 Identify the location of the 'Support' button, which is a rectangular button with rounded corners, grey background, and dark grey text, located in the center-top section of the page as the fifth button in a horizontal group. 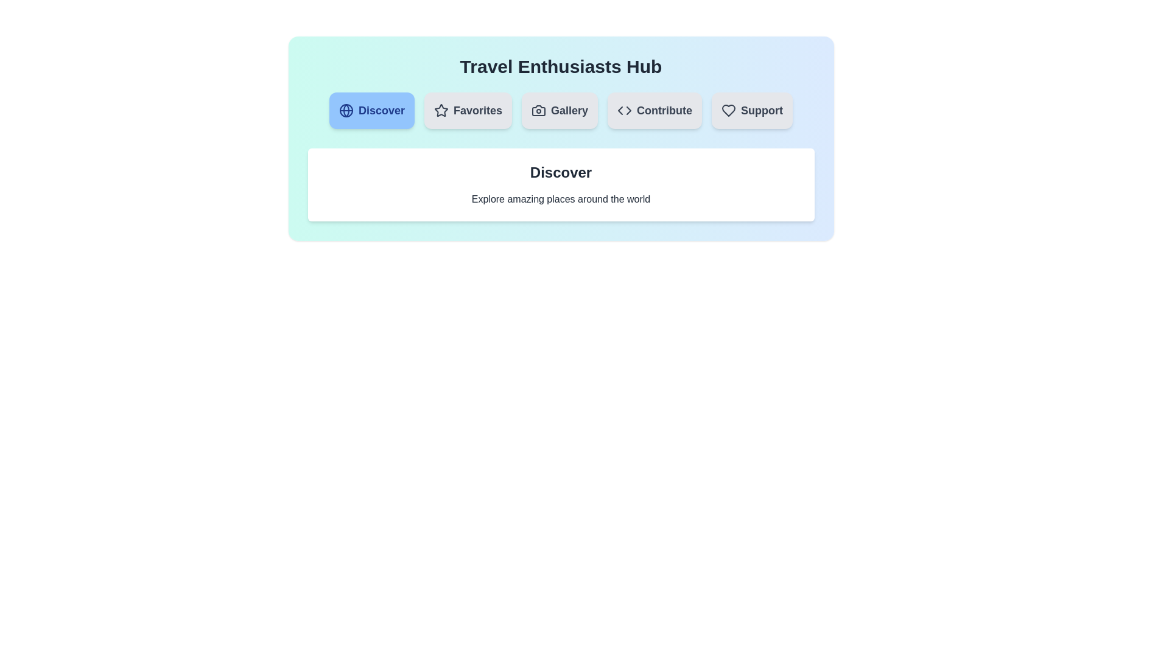
(751, 110).